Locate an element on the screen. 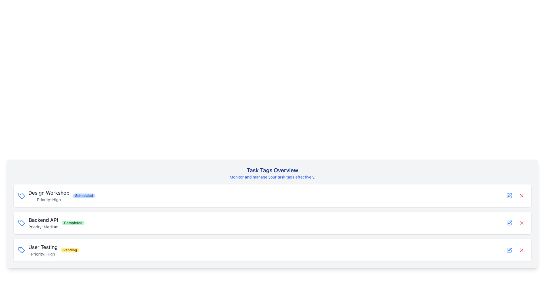 Image resolution: width=545 pixels, height=306 pixels. the edit button located in the rightmost part of the first row within a vertically-listed group of items to initiate an edit action is located at coordinates (509, 195).